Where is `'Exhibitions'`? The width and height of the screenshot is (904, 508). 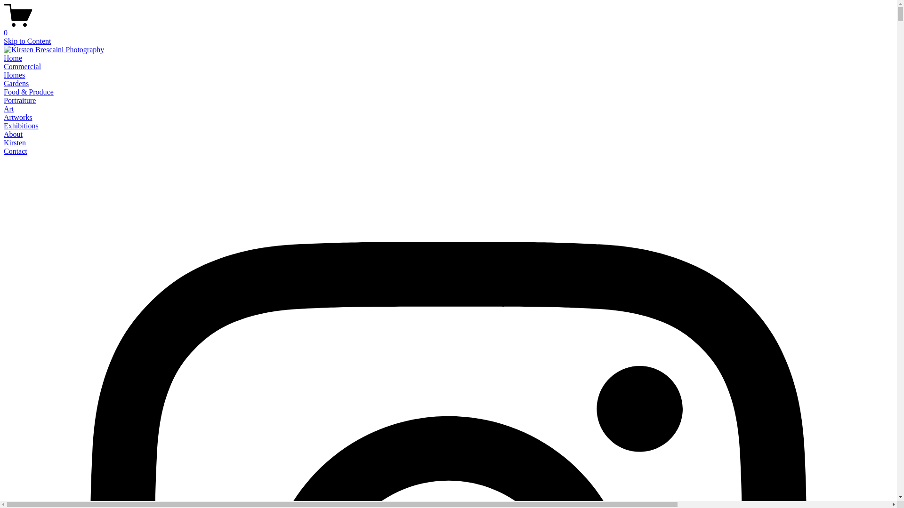
'Exhibitions' is located at coordinates (21, 125).